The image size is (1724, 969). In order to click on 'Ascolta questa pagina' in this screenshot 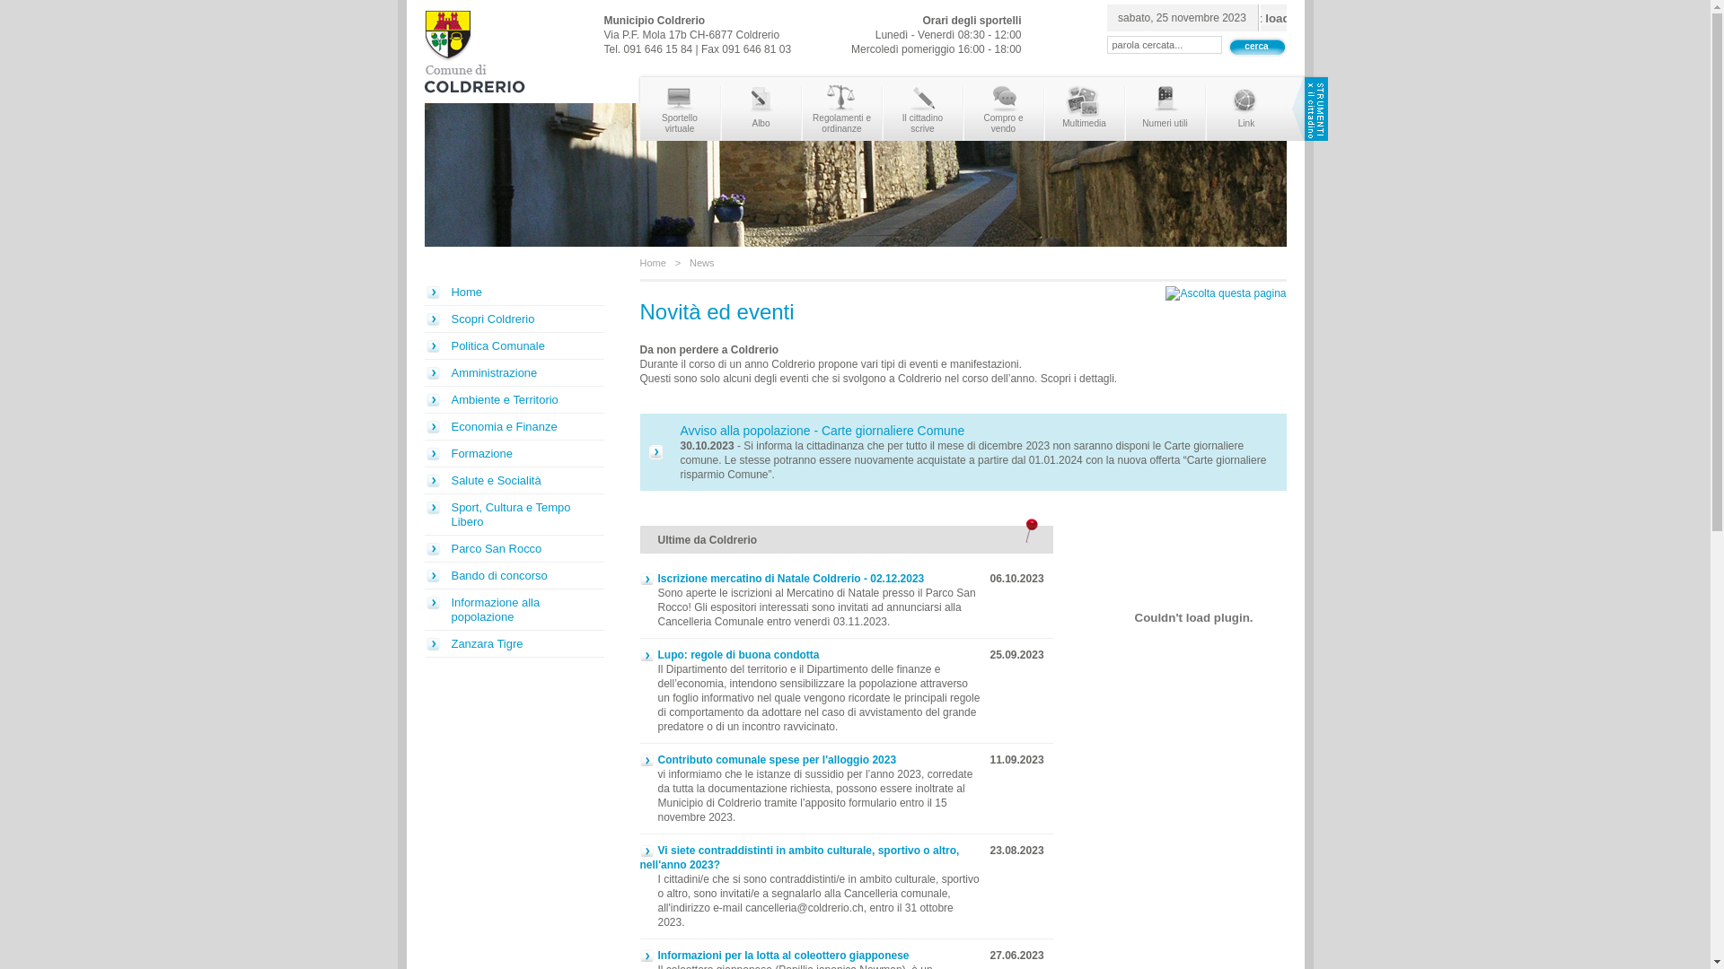, I will do `click(1224, 292)`.